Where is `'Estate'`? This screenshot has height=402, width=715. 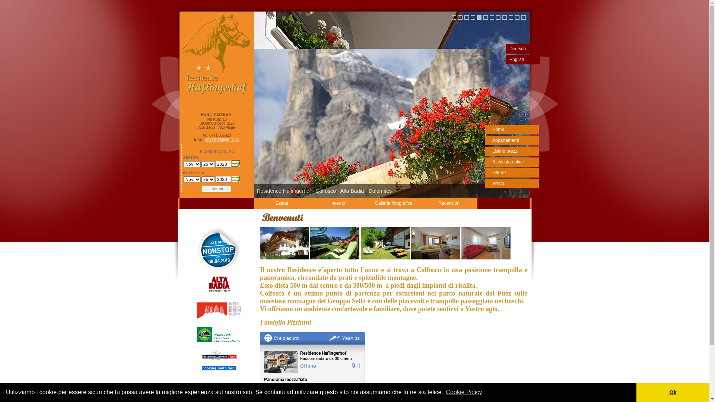
'Estate' is located at coordinates (282, 203).